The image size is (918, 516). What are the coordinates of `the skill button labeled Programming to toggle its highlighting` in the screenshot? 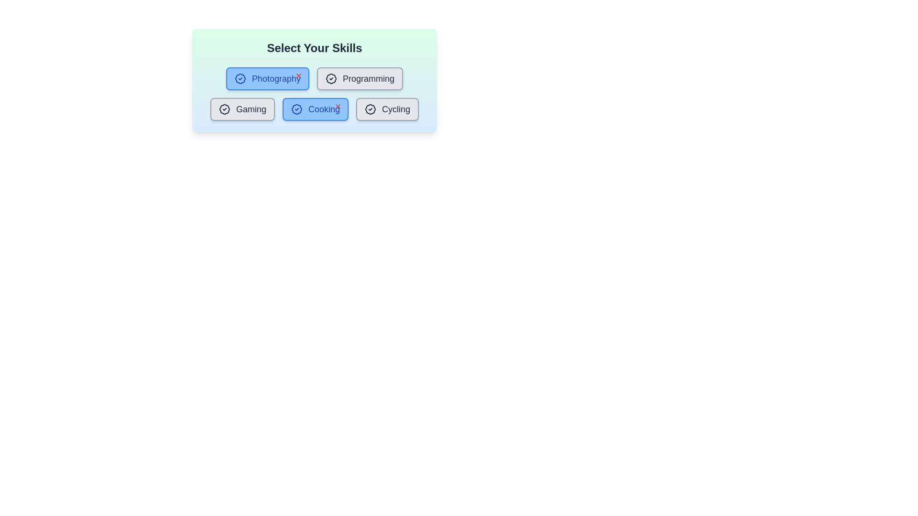 It's located at (360, 78).